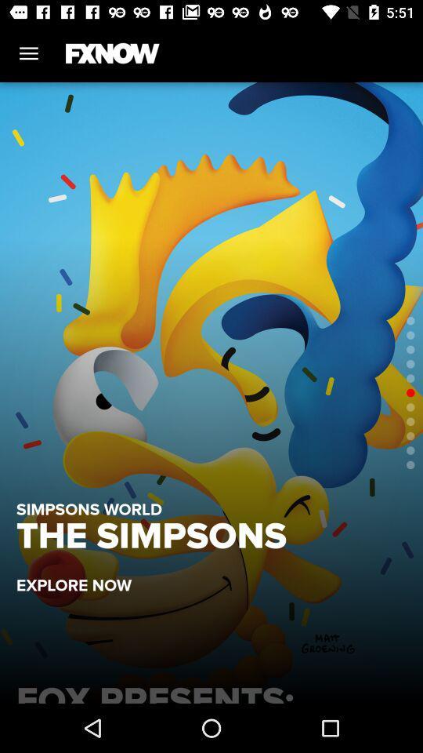 The image size is (423, 753). What do you see at coordinates (81, 577) in the screenshot?
I see `item above fox presents: pitch` at bounding box center [81, 577].